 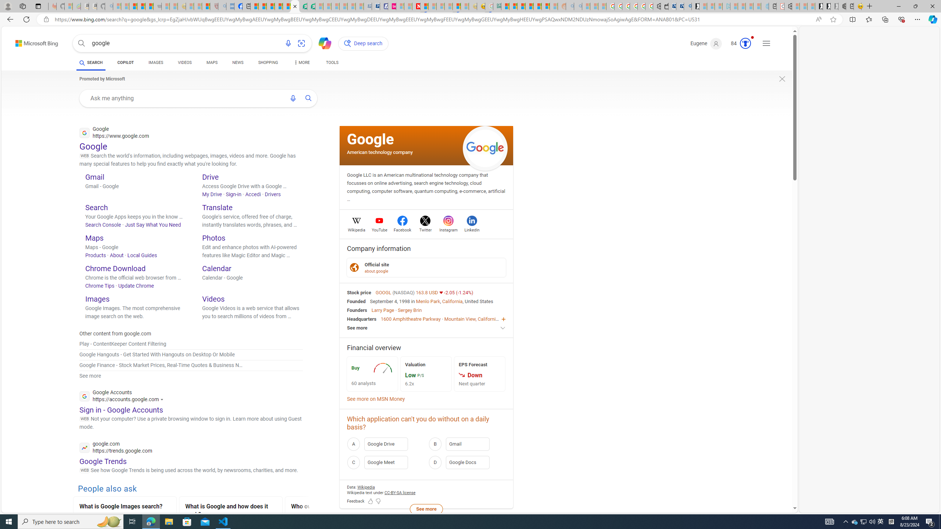 I want to click on 'American technology company', so click(x=380, y=152).